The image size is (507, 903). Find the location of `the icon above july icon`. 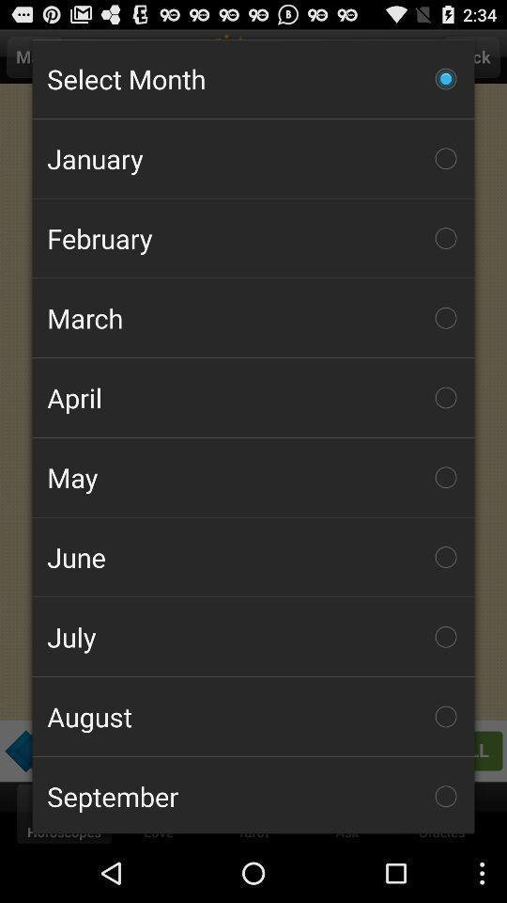

the icon above july icon is located at coordinates (253, 557).